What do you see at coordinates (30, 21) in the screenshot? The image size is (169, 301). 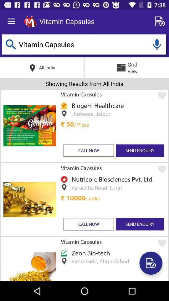 I see `click on logo` at bounding box center [30, 21].